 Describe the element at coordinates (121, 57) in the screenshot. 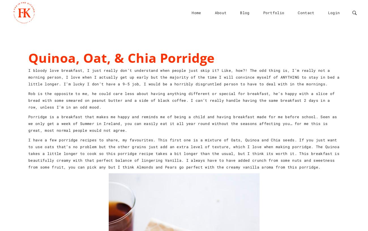

I see `'Quinoa, Oat, & Chia Porridge'` at that location.